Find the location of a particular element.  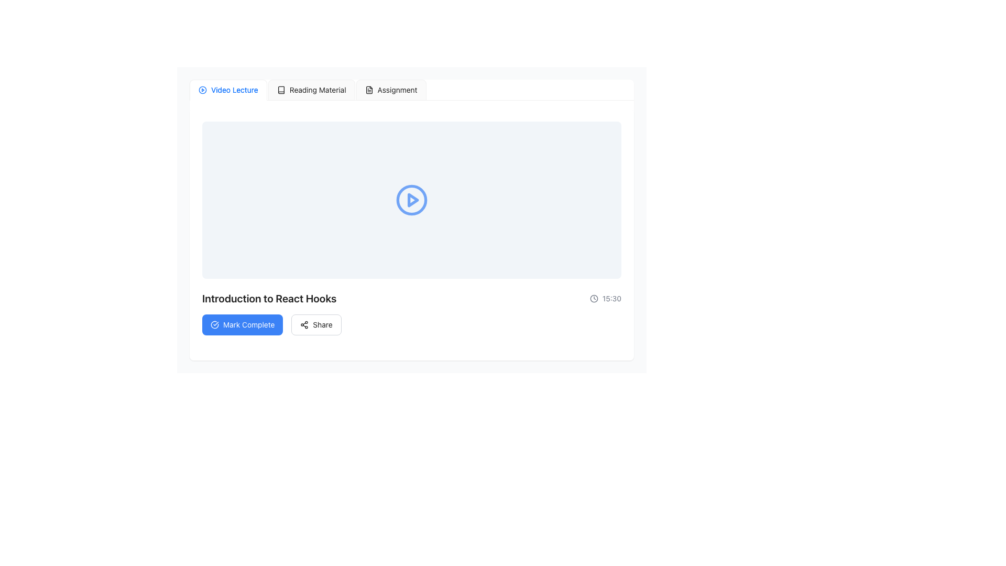

the circular component of the clock icon located towards the bottom-right section of the interface is located at coordinates (594, 299).